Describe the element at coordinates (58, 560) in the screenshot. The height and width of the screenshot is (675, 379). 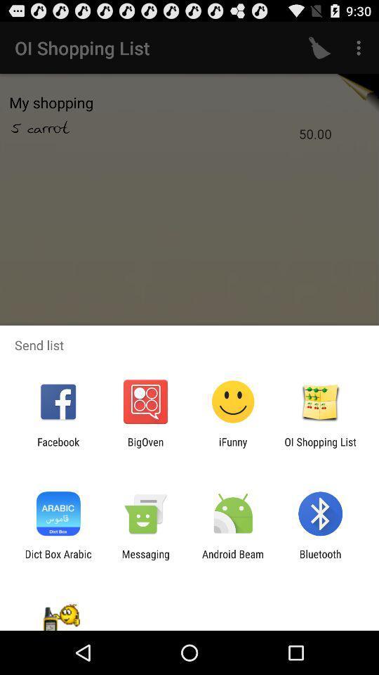
I see `the item next to messaging app` at that location.